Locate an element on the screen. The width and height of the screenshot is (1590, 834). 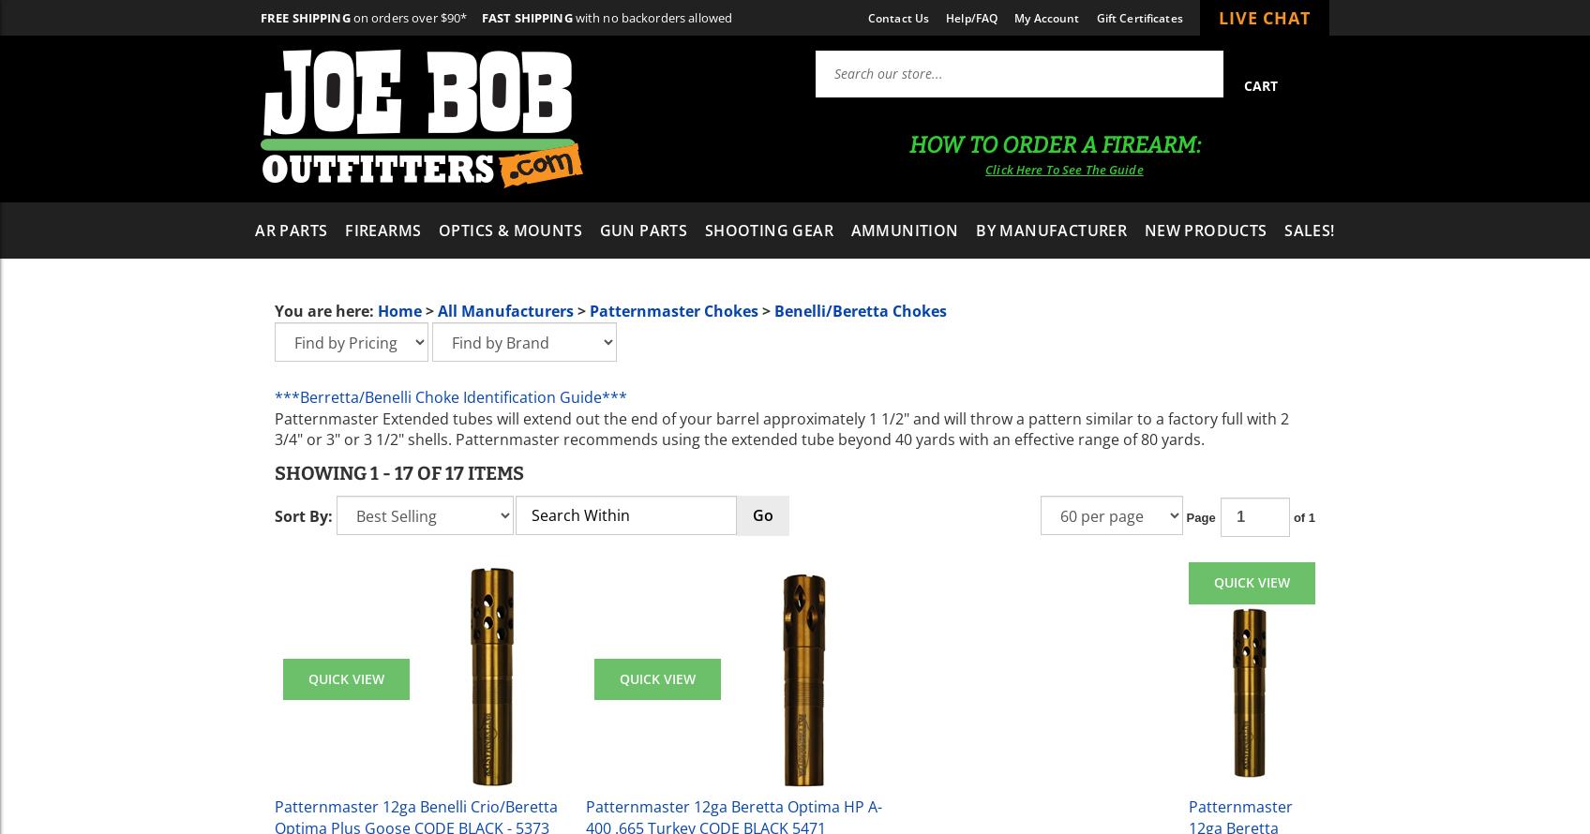
'AR Parts' is located at coordinates (291, 229).